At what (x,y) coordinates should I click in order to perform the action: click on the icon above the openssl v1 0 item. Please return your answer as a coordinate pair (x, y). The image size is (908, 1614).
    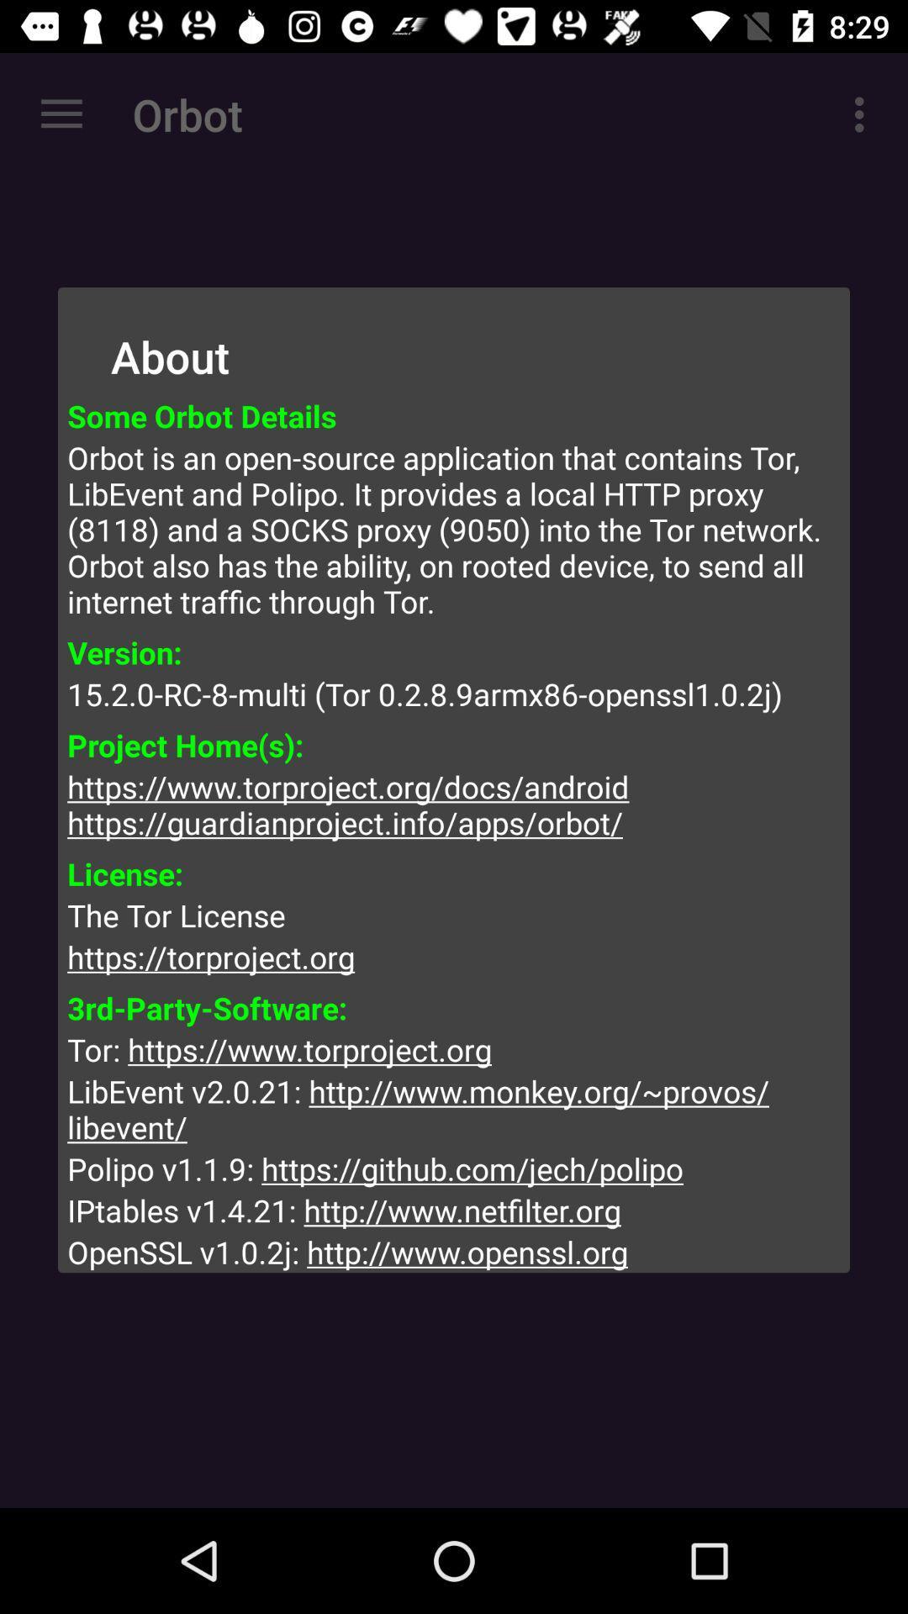
    Looking at the image, I should click on (454, 1210).